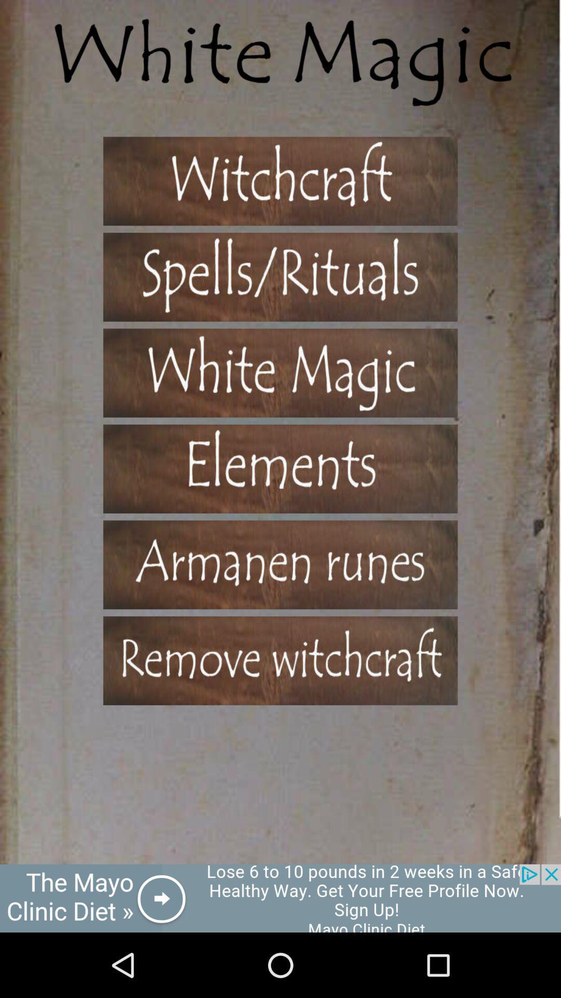 The width and height of the screenshot is (561, 998). I want to click on ateno para o nome white magic, so click(280, 373).